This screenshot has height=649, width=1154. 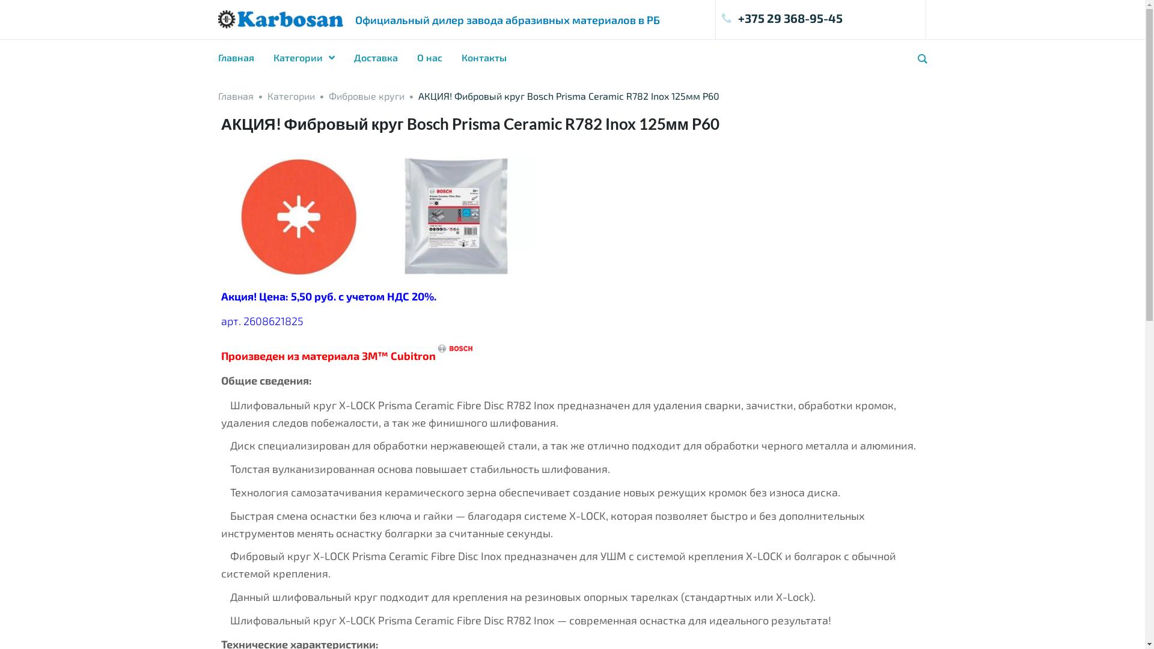 What do you see at coordinates (721, 18) in the screenshot?
I see `'+375 29 368-95-45'` at bounding box center [721, 18].